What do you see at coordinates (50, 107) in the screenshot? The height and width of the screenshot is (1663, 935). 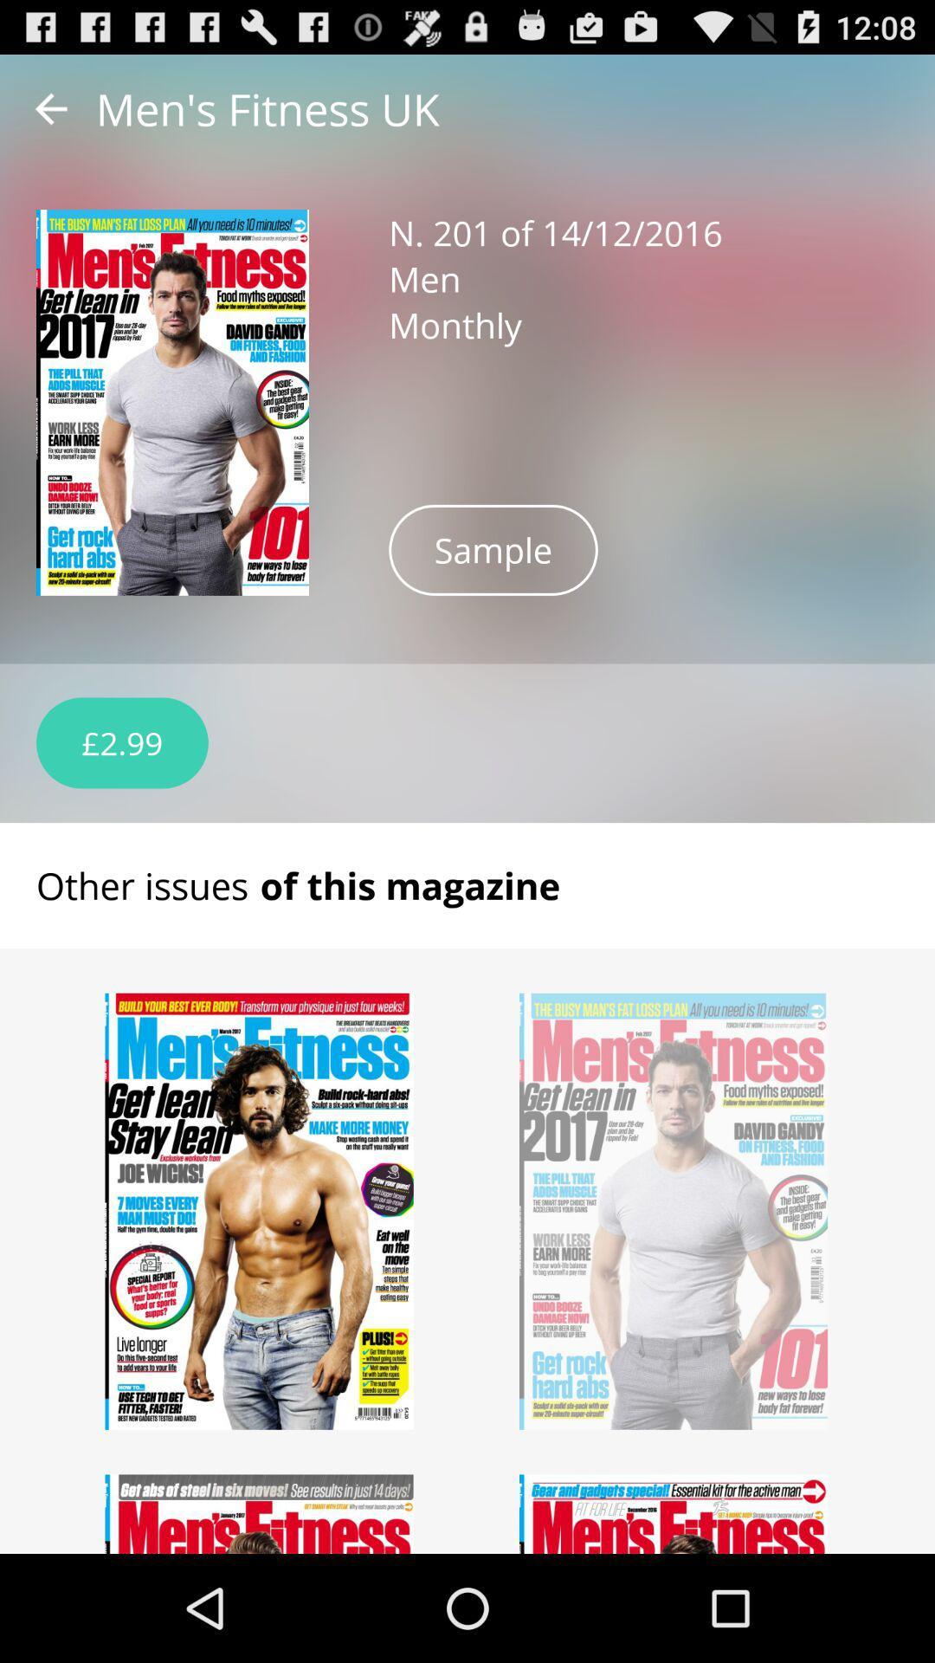 I see `go back` at bounding box center [50, 107].